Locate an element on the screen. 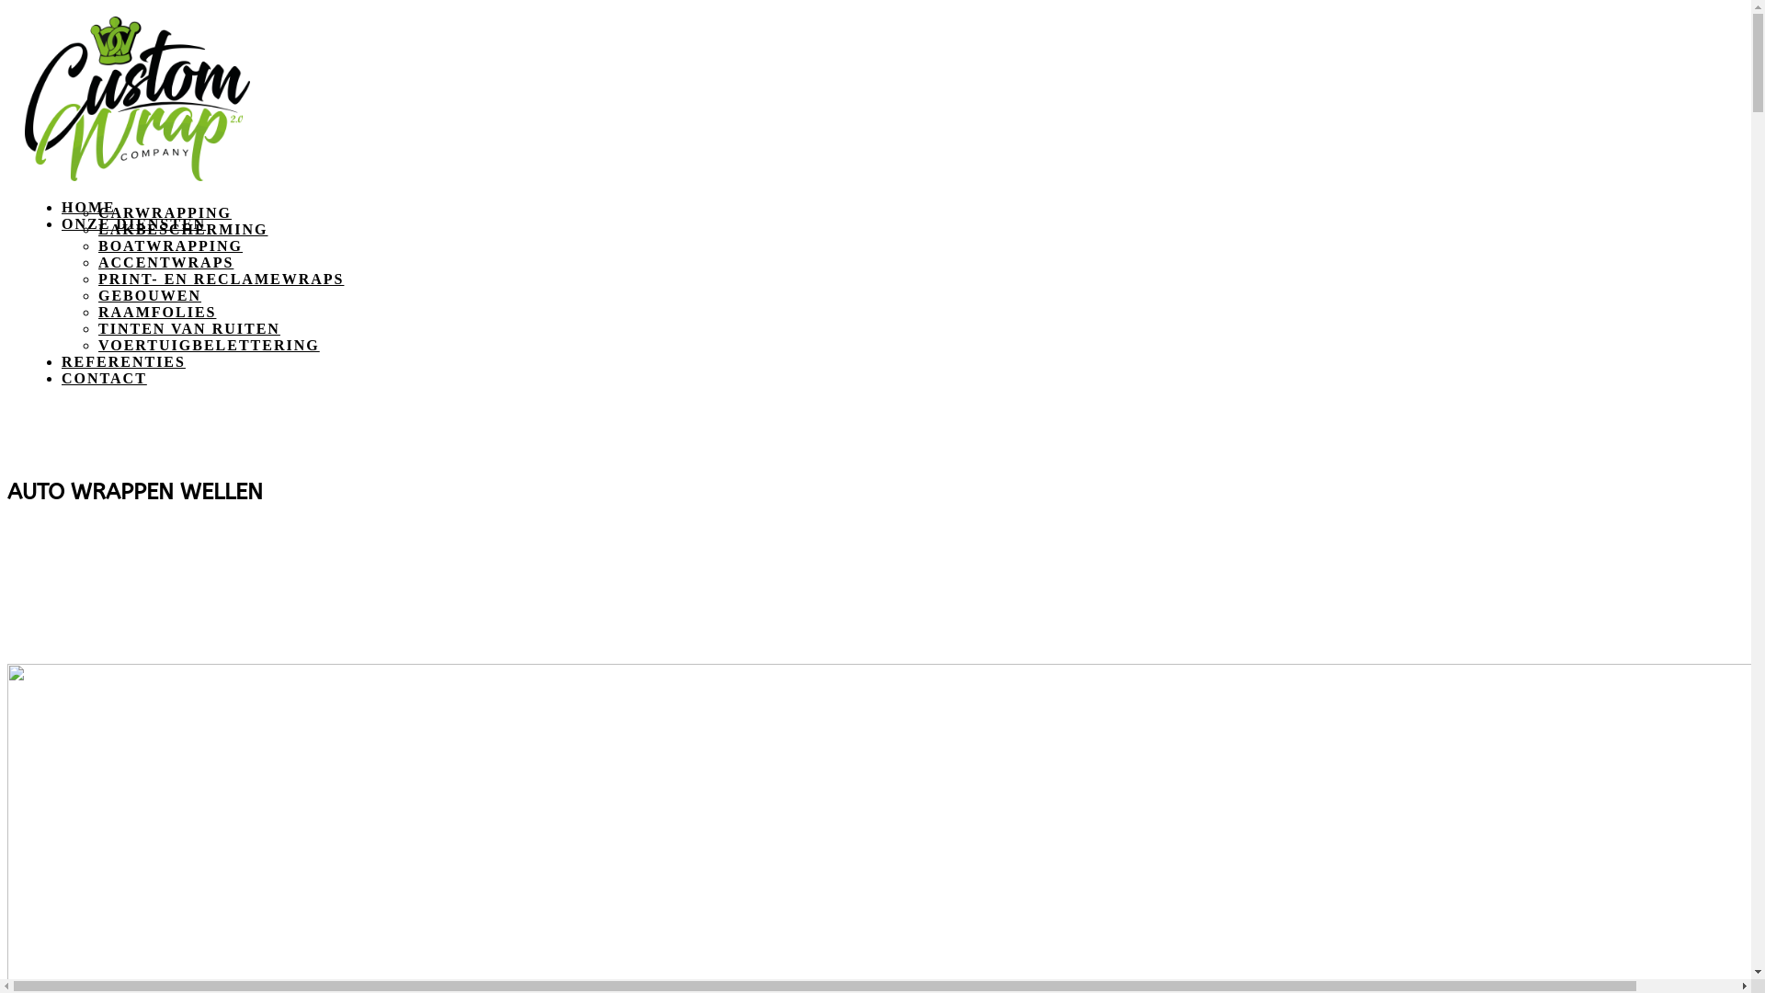 The width and height of the screenshot is (1765, 993). 'RAAMFOLIES' is located at coordinates (97, 311).